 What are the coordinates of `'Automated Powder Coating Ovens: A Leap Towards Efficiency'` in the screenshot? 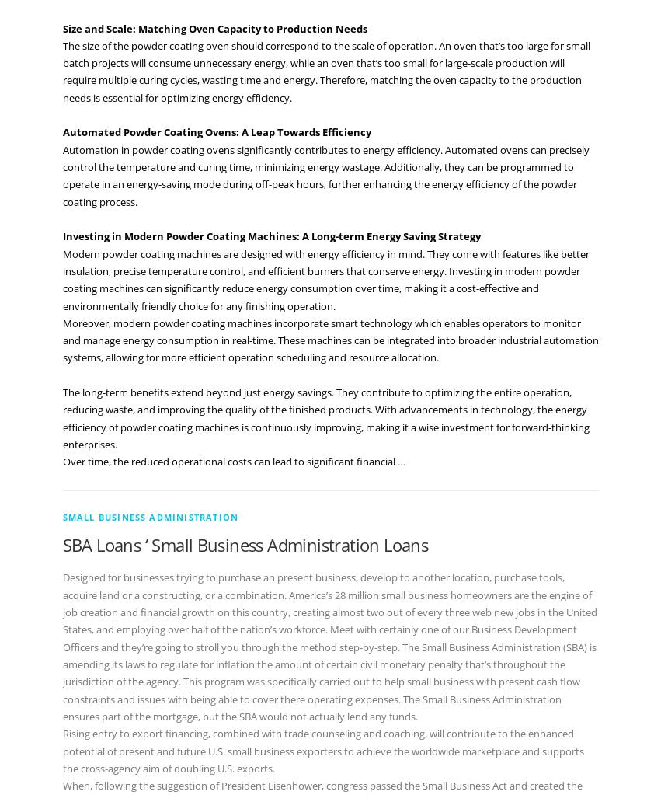 It's located at (216, 132).